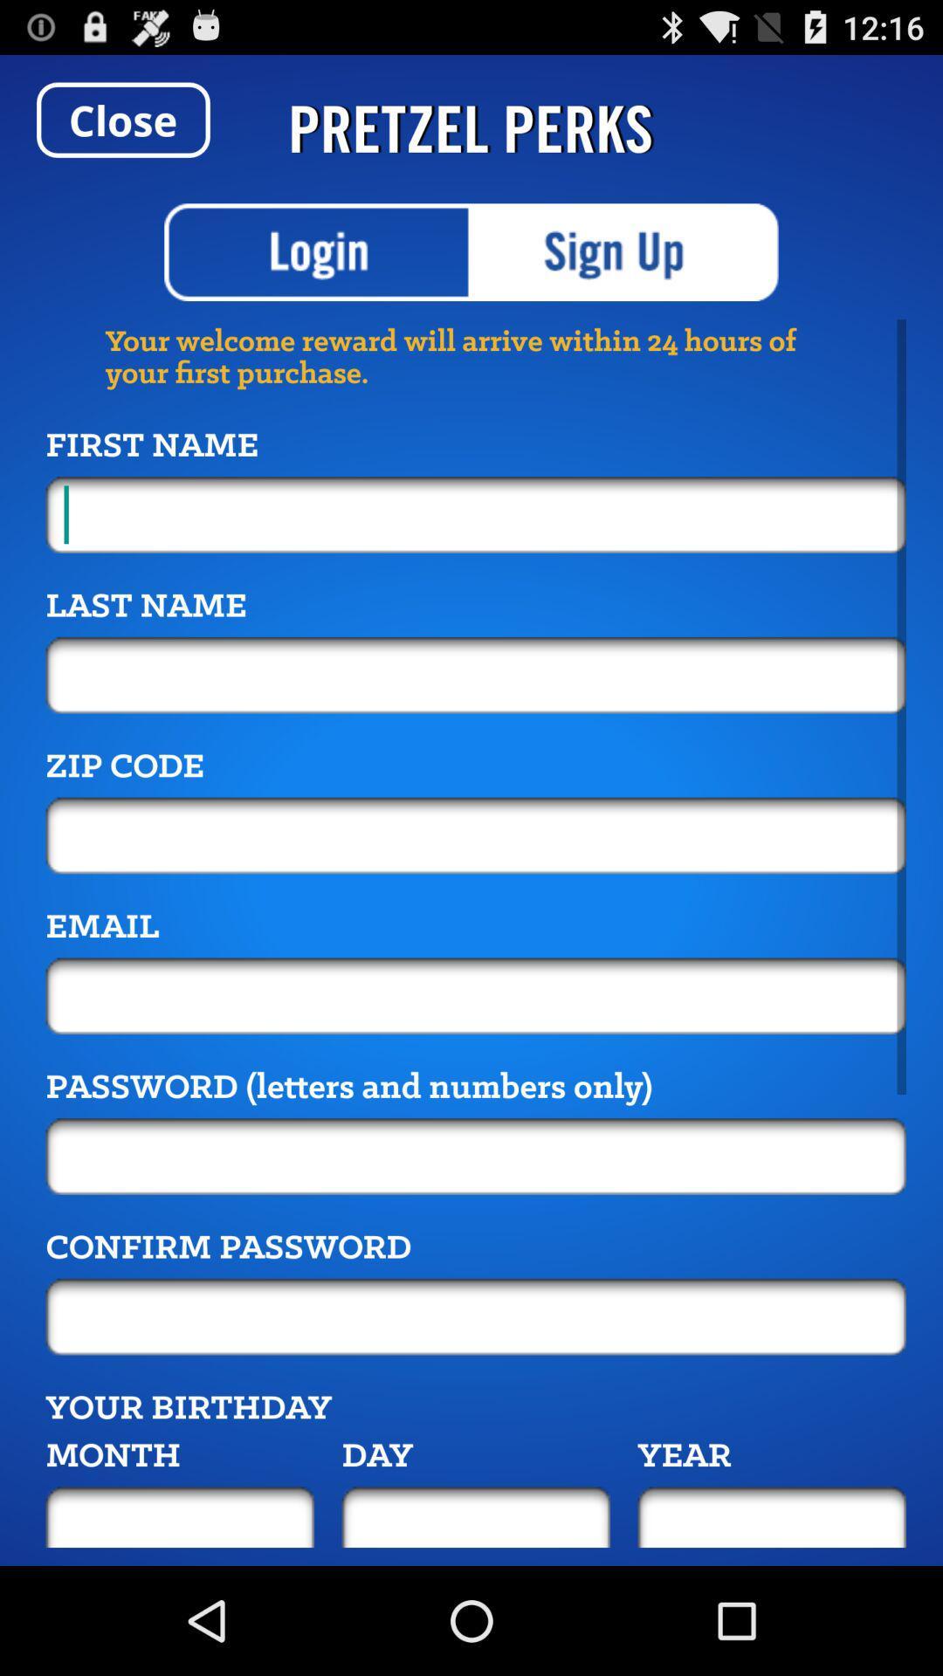 The height and width of the screenshot is (1676, 943). Describe the element at coordinates (476, 1316) in the screenshot. I see `type in your new password here the same as the box before` at that location.